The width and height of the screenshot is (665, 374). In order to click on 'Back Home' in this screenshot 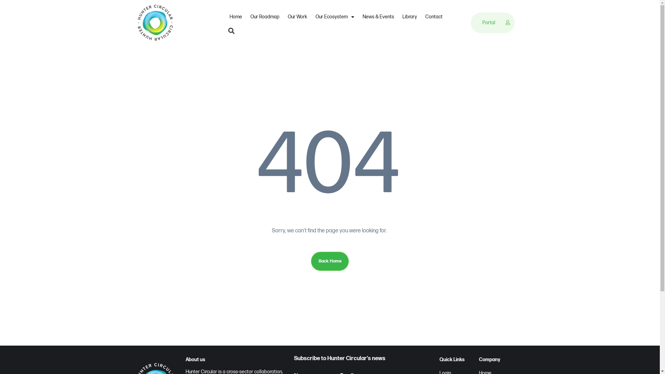, I will do `click(329, 261)`.